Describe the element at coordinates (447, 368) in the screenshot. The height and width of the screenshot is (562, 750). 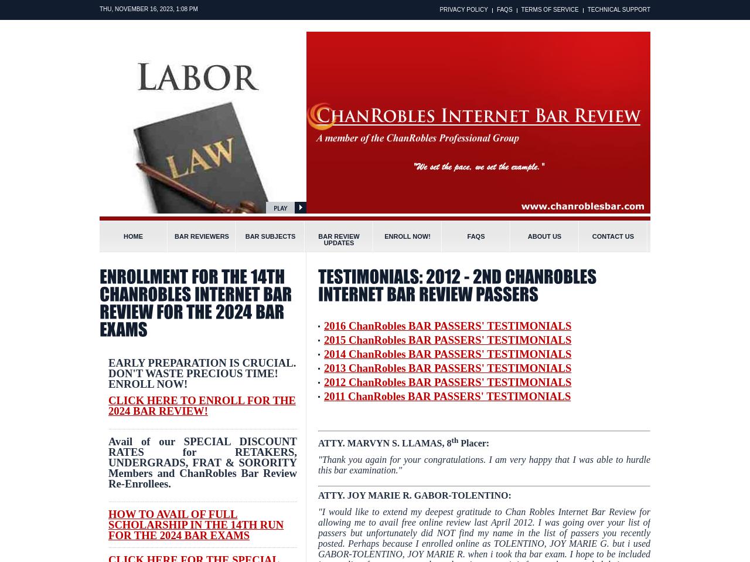
I see `'2013 ChanRobles BAR PASSERS' TESTIMONIALS'` at that location.